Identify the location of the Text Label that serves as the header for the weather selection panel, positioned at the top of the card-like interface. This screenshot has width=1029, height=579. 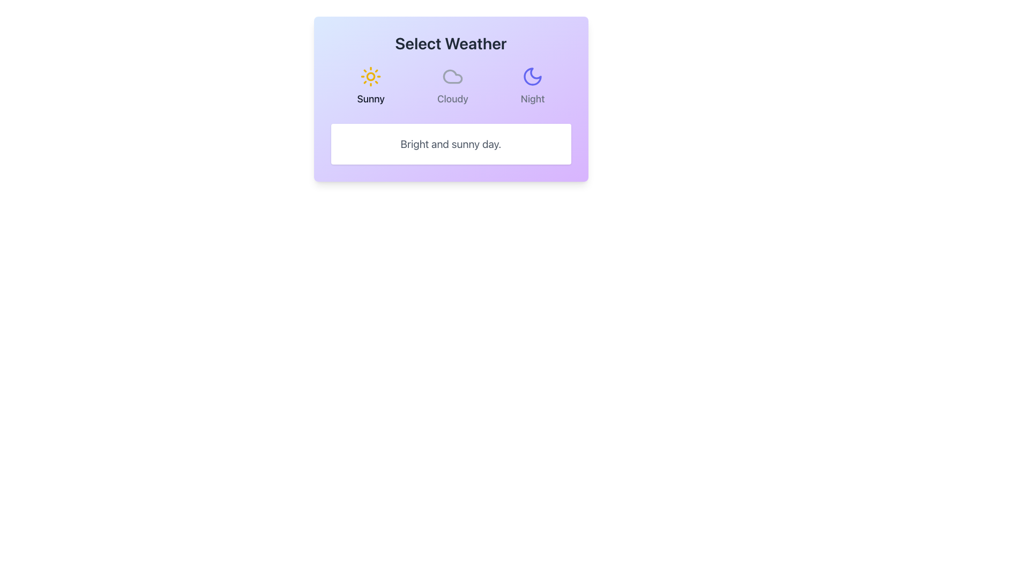
(451, 43).